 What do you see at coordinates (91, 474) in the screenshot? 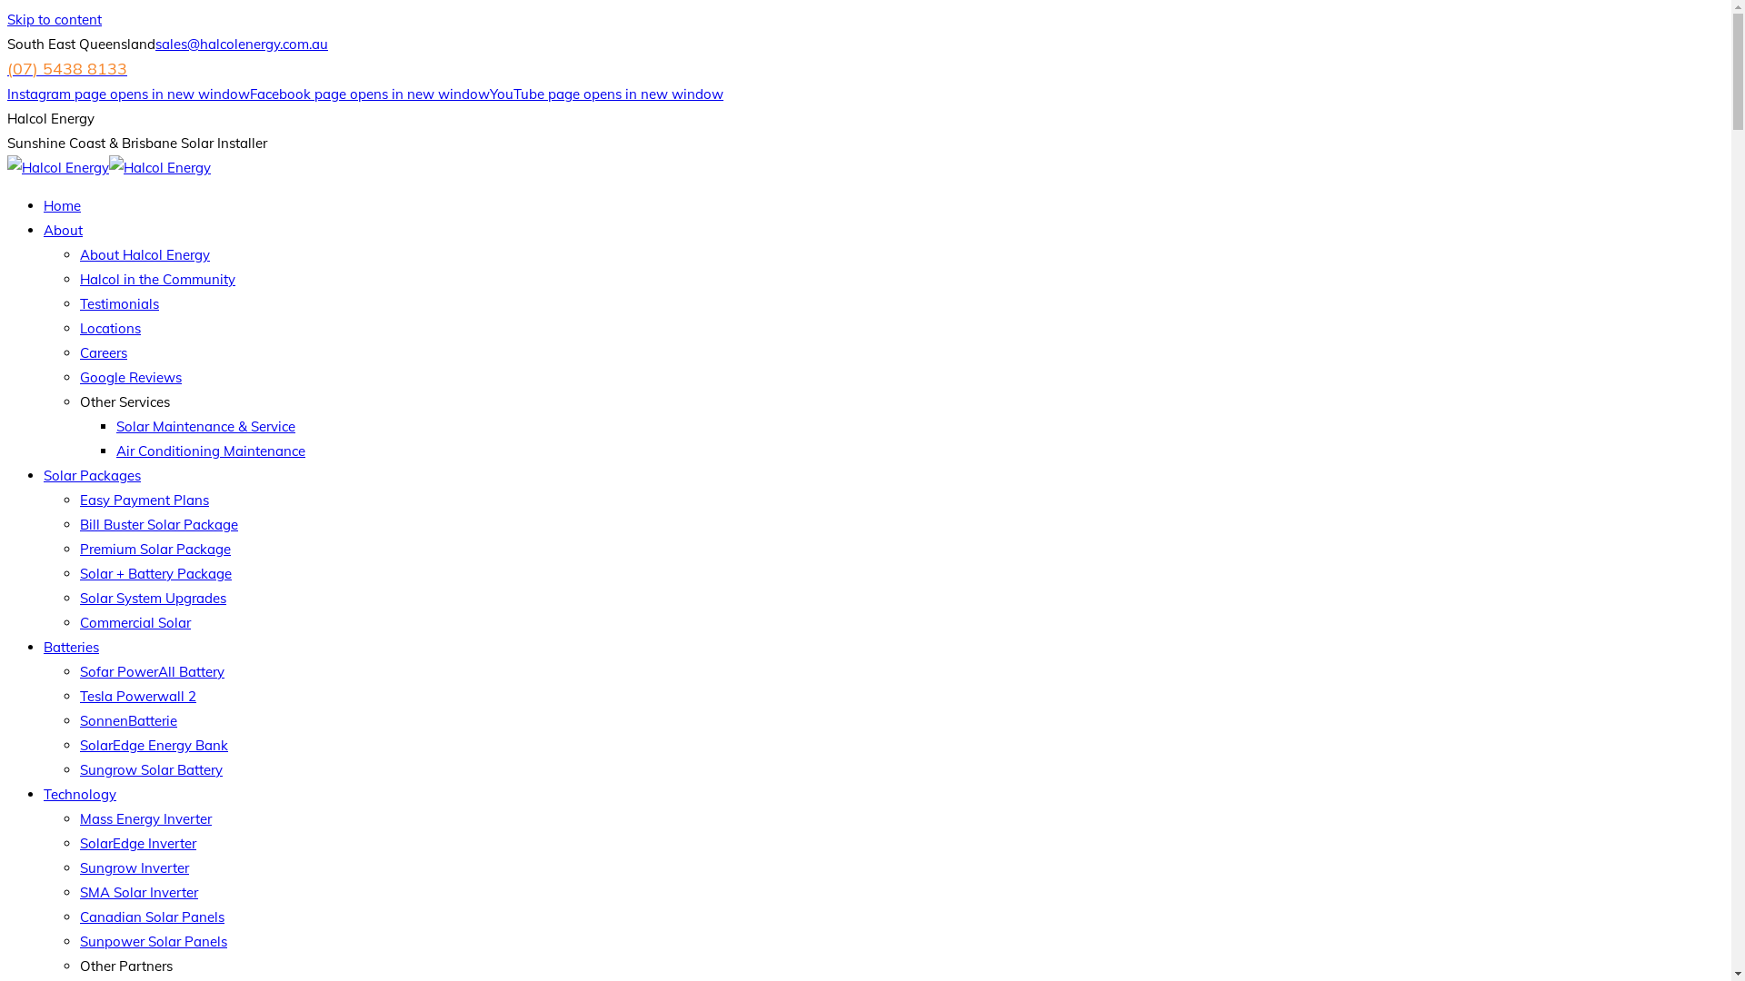
I see `'Solar Packages'` at bounding box center [91, 474].